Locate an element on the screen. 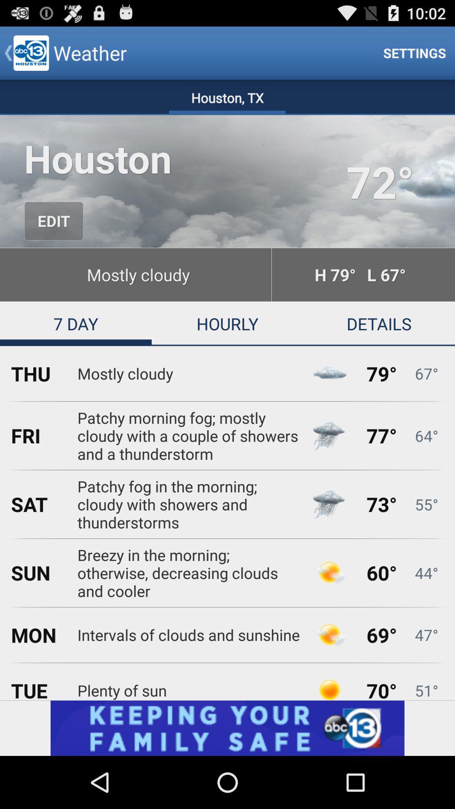 The height and width of the screenshot is (809, 455). the image on left to the text 73 degrees on the web page is located at coordinates (329, 504).